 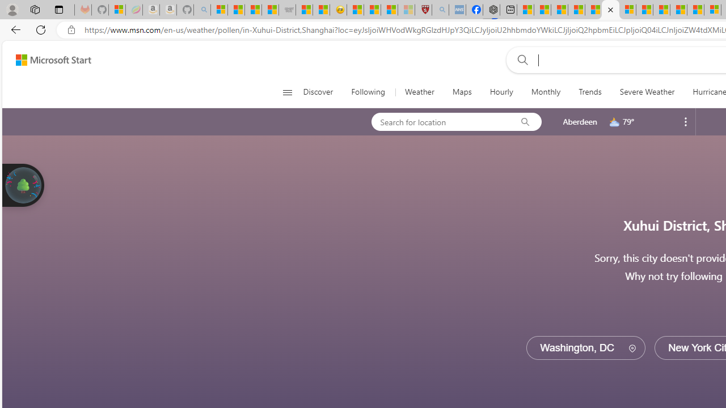 What do you see at coordinates (647, 92) in the screenshot?
I see `'Severe Weather'` at bounding box center [647, 92].